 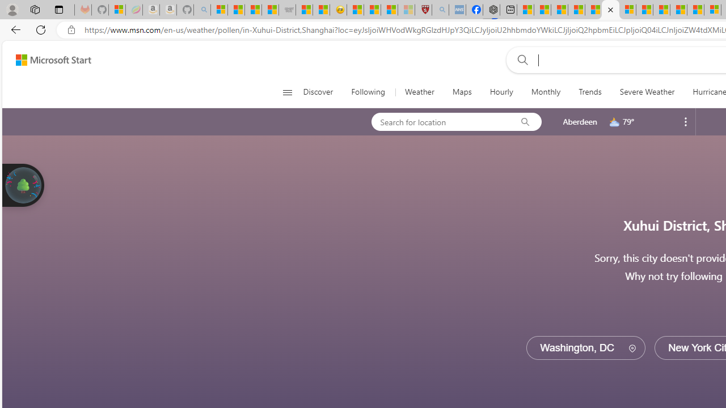 What do you see at coordinates (647, 92) in the screenshot?
I see `'Severe Weather'` at bounding box center [647, 92].